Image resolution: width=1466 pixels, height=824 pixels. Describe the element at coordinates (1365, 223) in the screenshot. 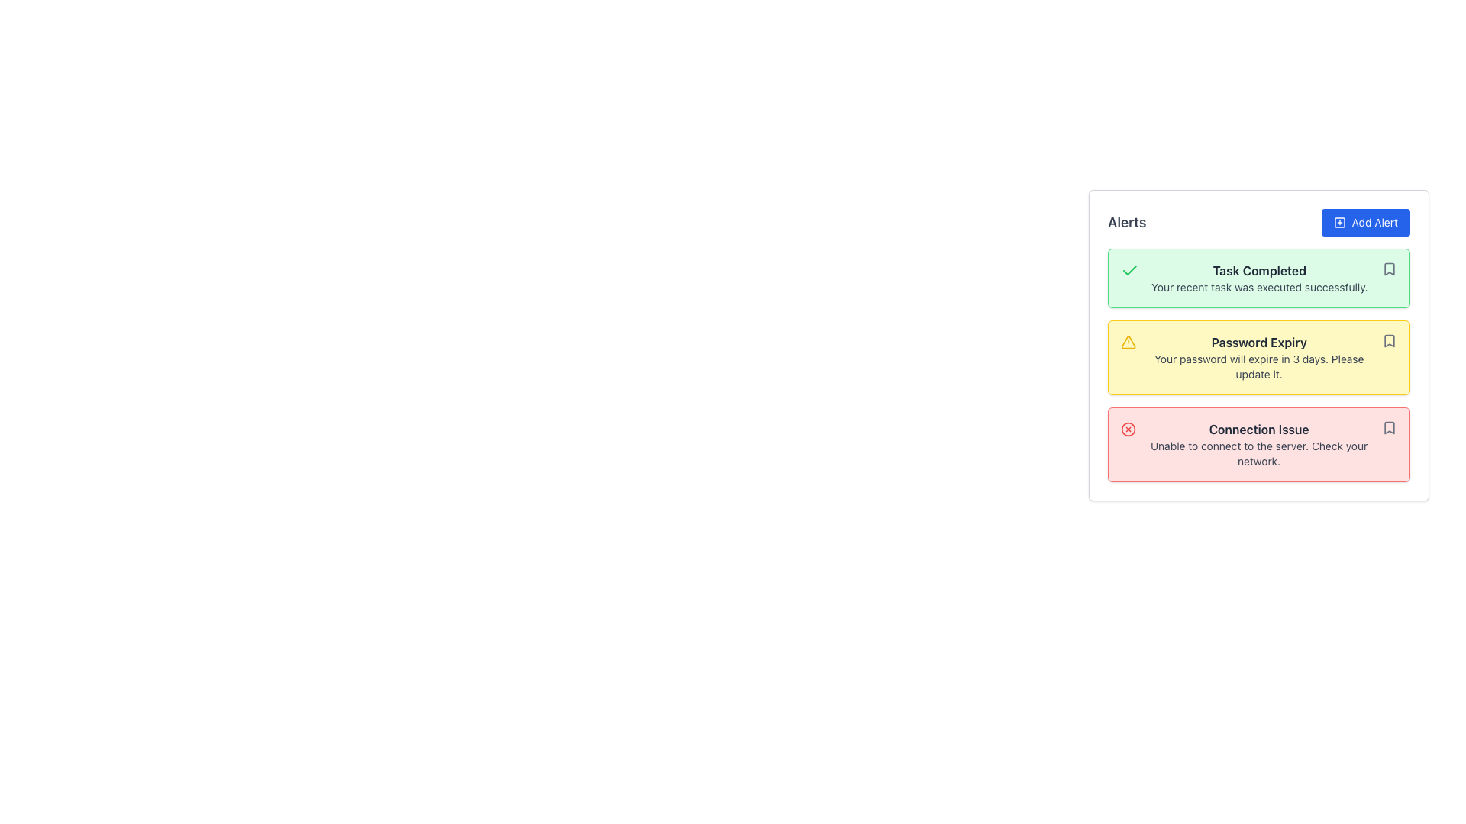

I see `the rectangular blue button labeled 'Add Alert' with a plus icon to trigger the hover effect` at that location.